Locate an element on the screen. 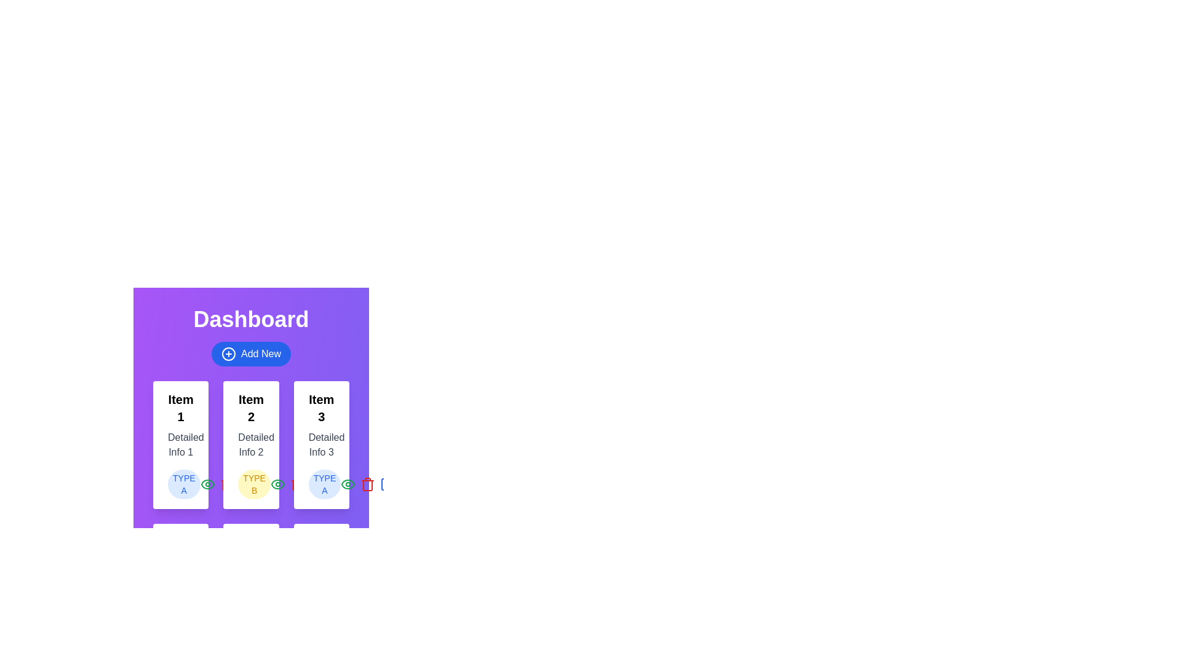 This screenshot has height=664, width=1181. 'Add New' button to add a new item is located at coordinates (250, 354).